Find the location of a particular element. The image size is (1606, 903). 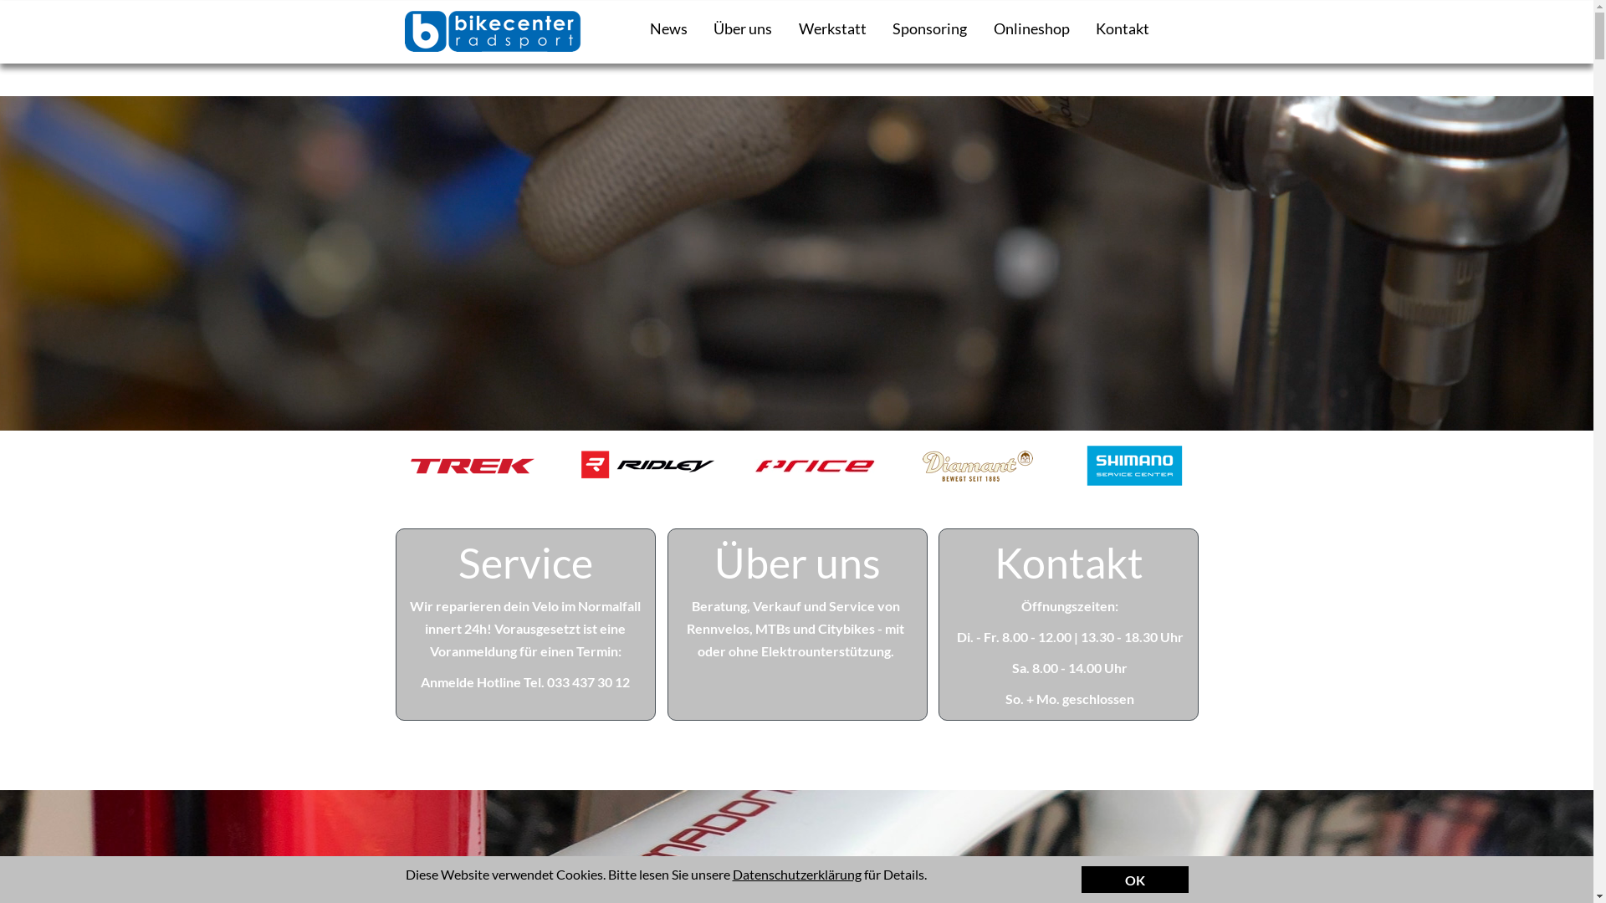

'Anmelde Hotline Tel. 033 437 30 12' is located at coordinates (524, 681).